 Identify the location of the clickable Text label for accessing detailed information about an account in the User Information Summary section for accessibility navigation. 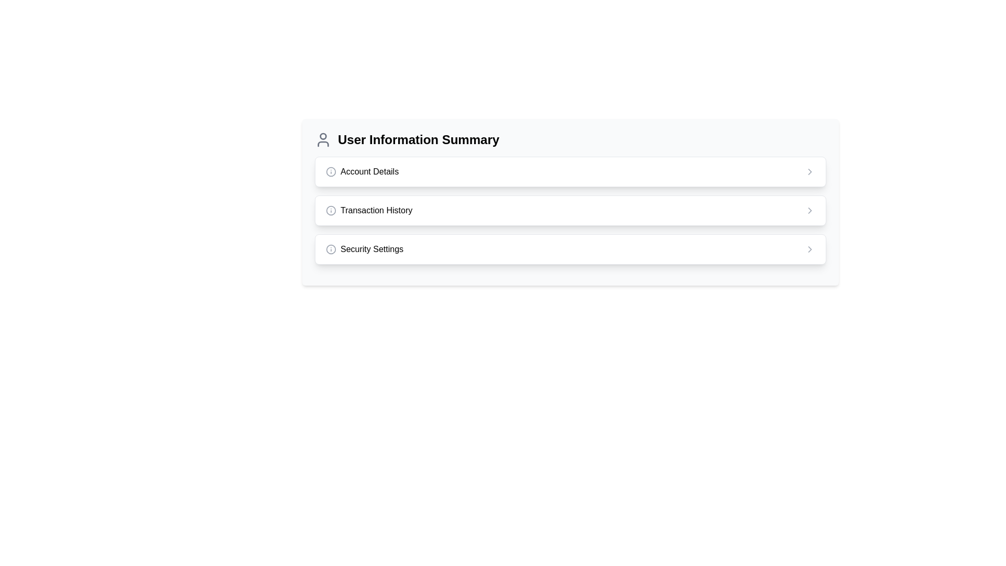
(369, 171).